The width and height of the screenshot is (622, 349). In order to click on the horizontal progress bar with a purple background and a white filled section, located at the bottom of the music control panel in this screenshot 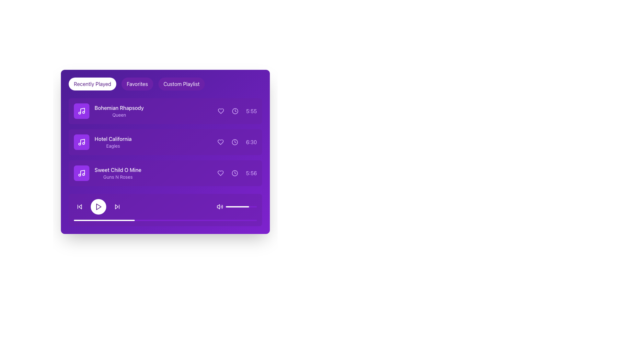, I will do `click(165, 220)`.